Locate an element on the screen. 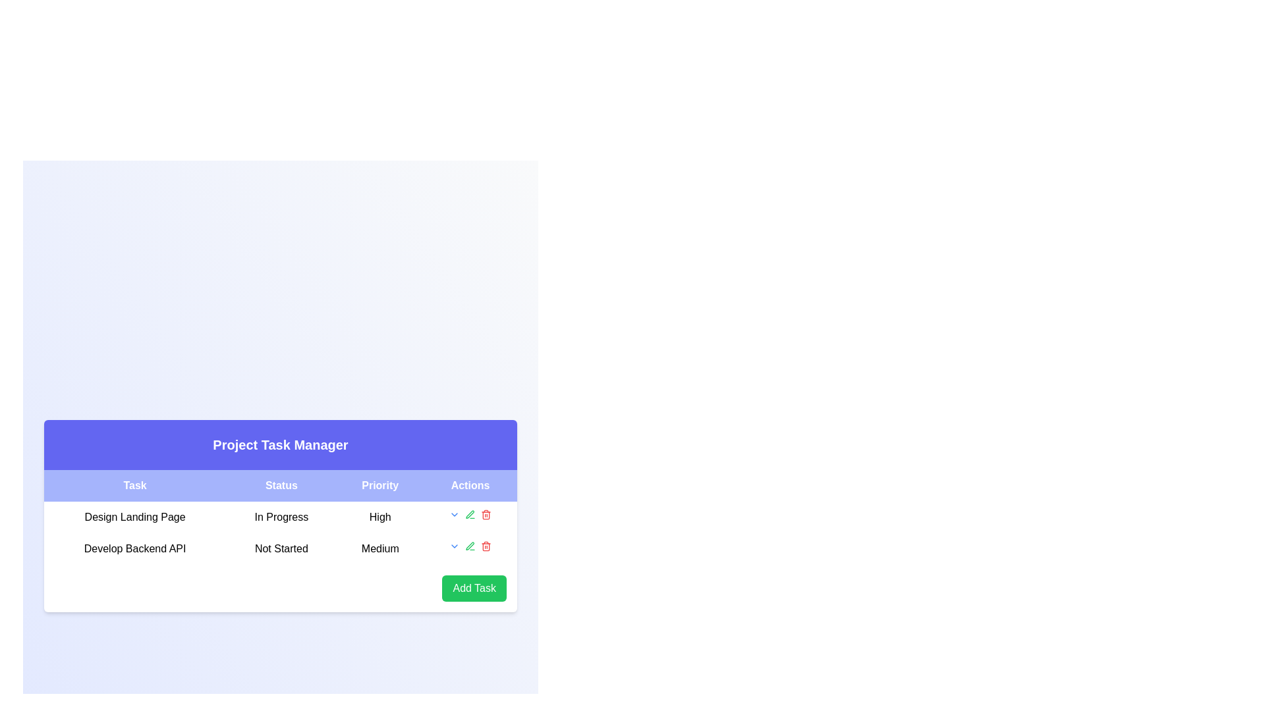 The height and width of the screenshot is (711, 1265). the red trash bin icon located under the 'Actions' column of the second row in the task table is located at coordinates (486, 546).